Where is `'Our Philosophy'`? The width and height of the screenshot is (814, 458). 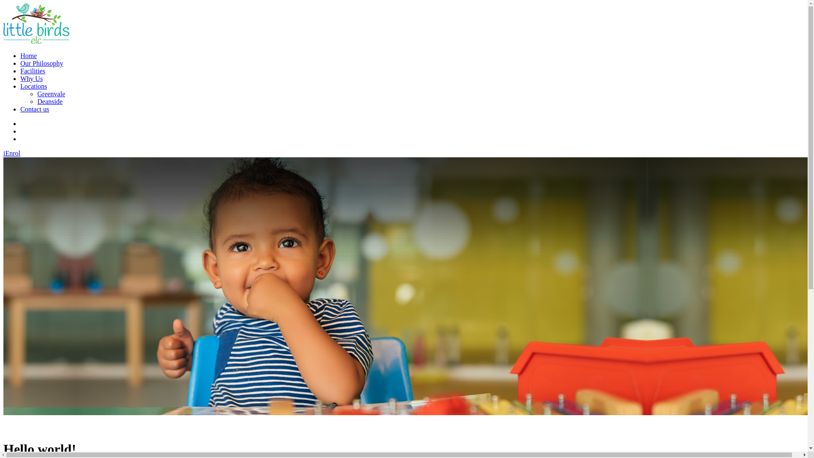 'Our Philosophy' is located at coordinates (41, 63).